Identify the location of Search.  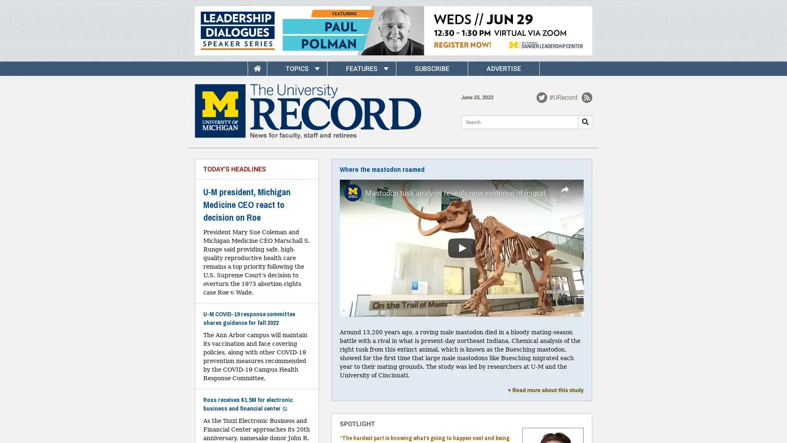
(585, 121).